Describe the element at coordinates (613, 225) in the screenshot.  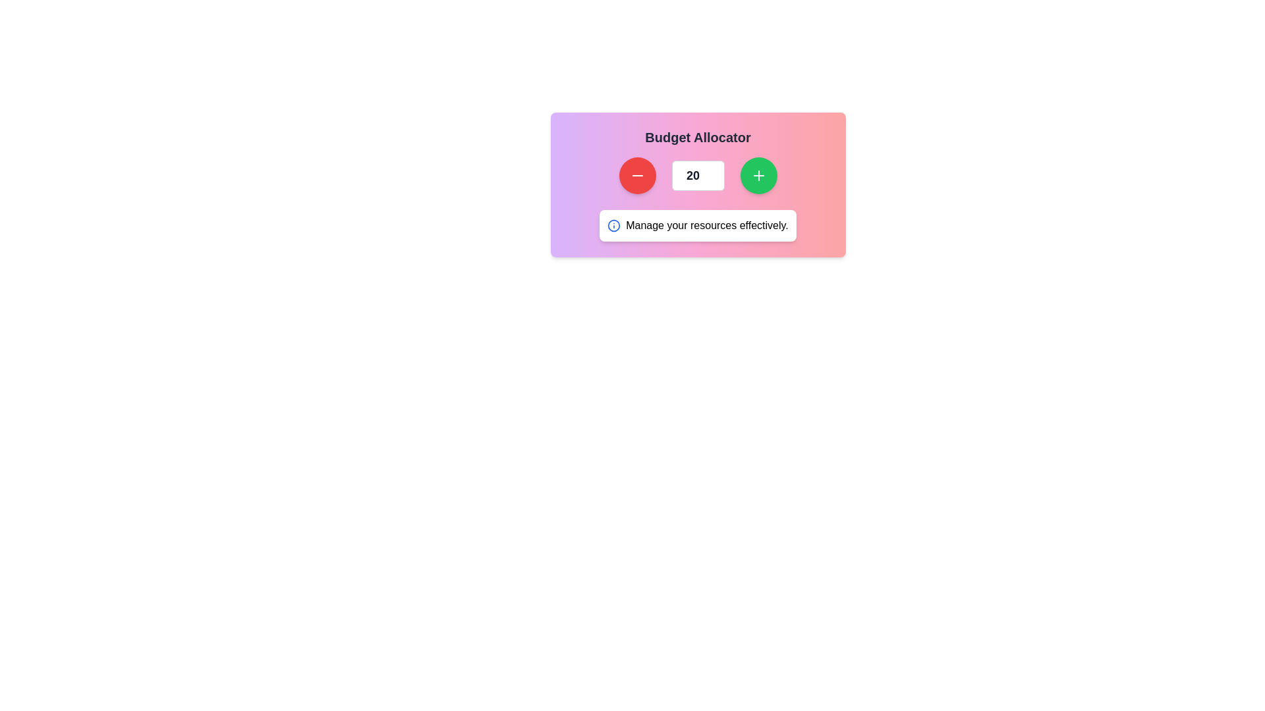
I see `the small circular Informational Icon with a blue outline located next to the text 'Manage your resources effectively'` at that location.